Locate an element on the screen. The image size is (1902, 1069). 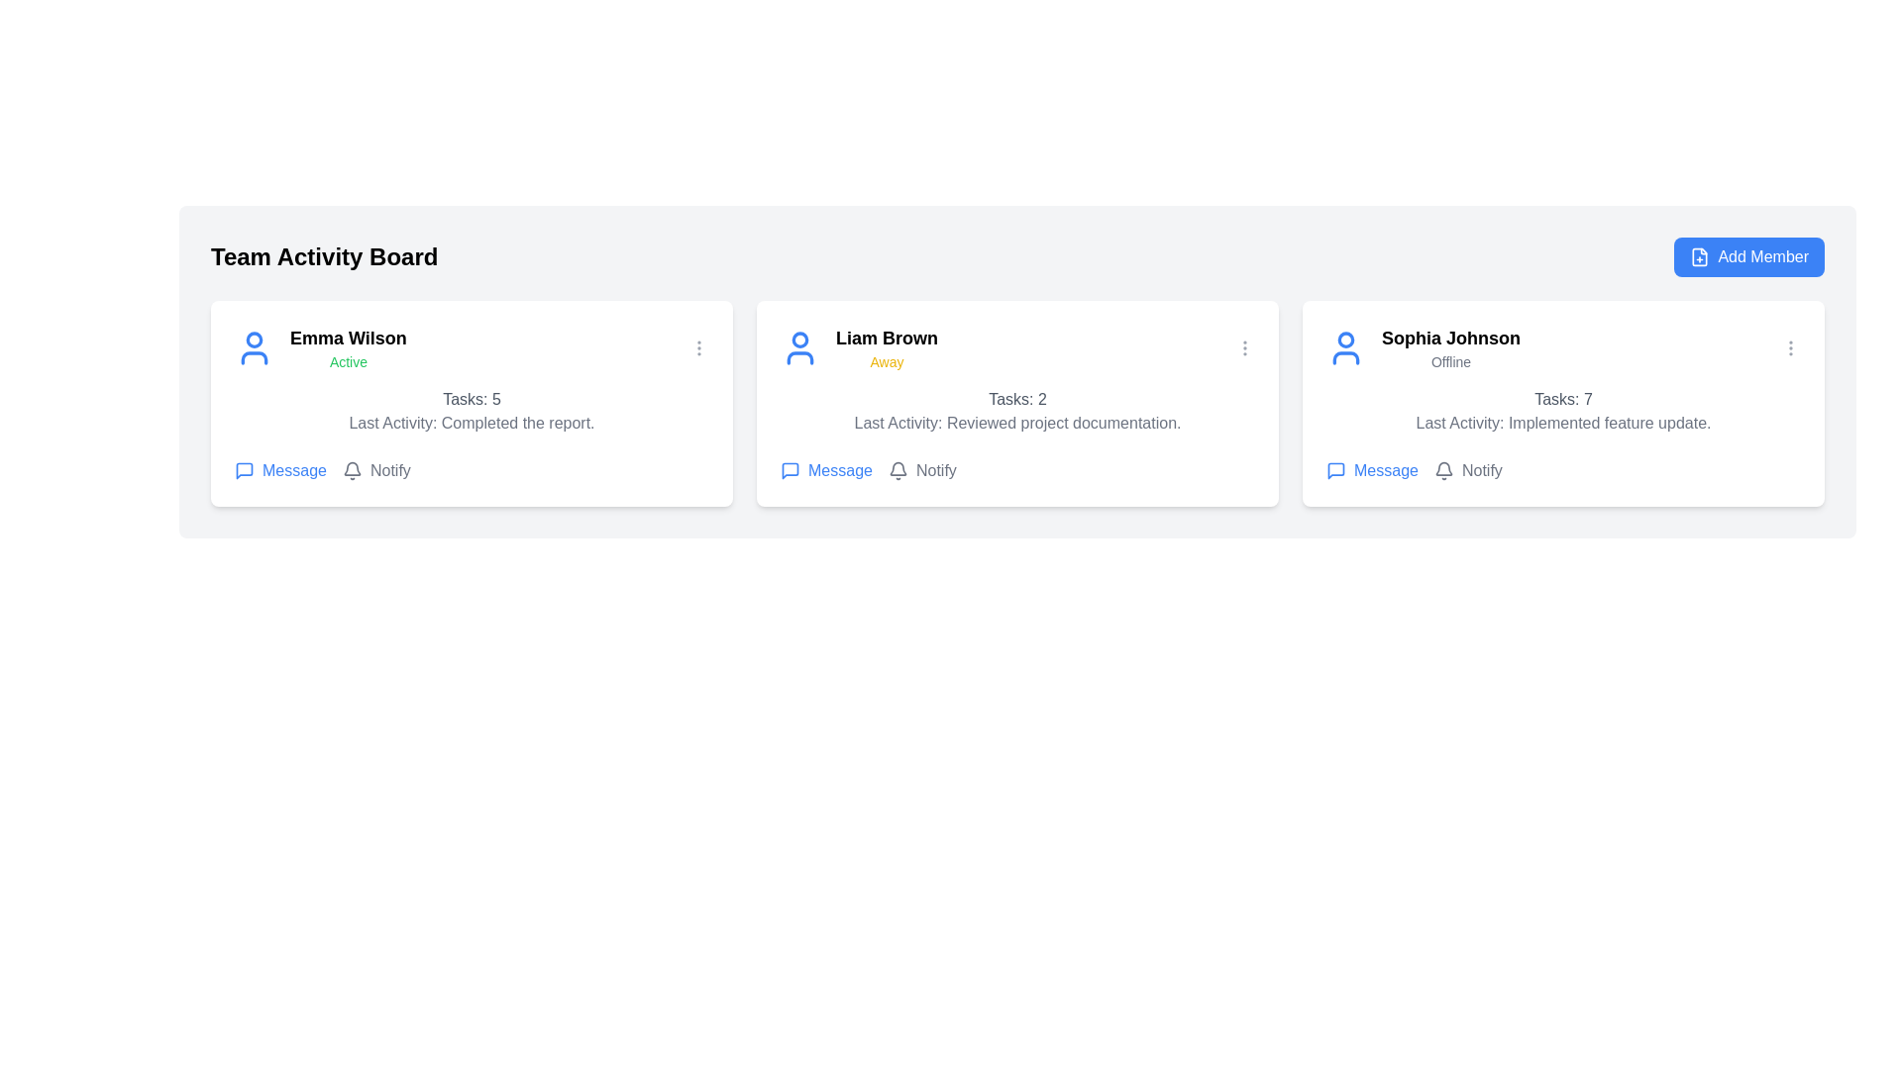
content displayed in the 'Emma Wilson' text label, which is bold and has the status 'Active' in green below it, located in the first card of the 'Team Activity Board' is located at coordinates (348, 346).